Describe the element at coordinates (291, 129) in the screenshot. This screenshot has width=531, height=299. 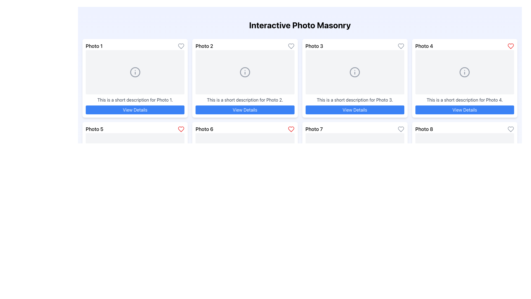
I see `the favorite button located in the top-right corner of the Photo 6 card` at that location.